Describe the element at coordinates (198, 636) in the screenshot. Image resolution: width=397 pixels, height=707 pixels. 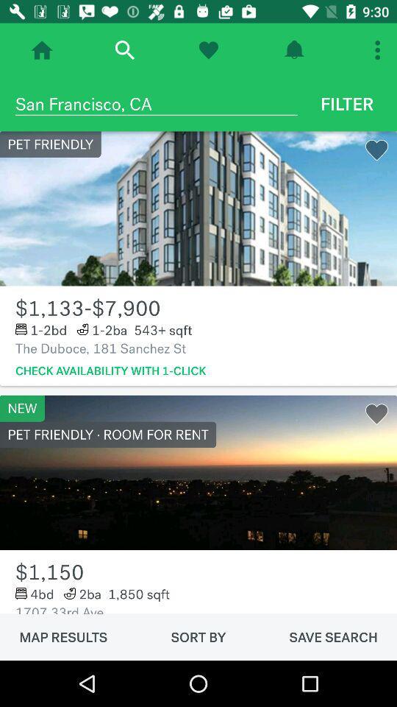
I see `the icon next to the save search item` at that location.